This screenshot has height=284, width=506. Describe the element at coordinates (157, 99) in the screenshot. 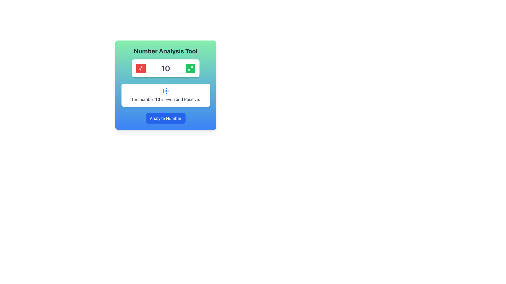

I see `the text element displaying 'The number 10 is Even and Positive.' which is emphasized in bold and located within a white box with rounded corners` at that location.